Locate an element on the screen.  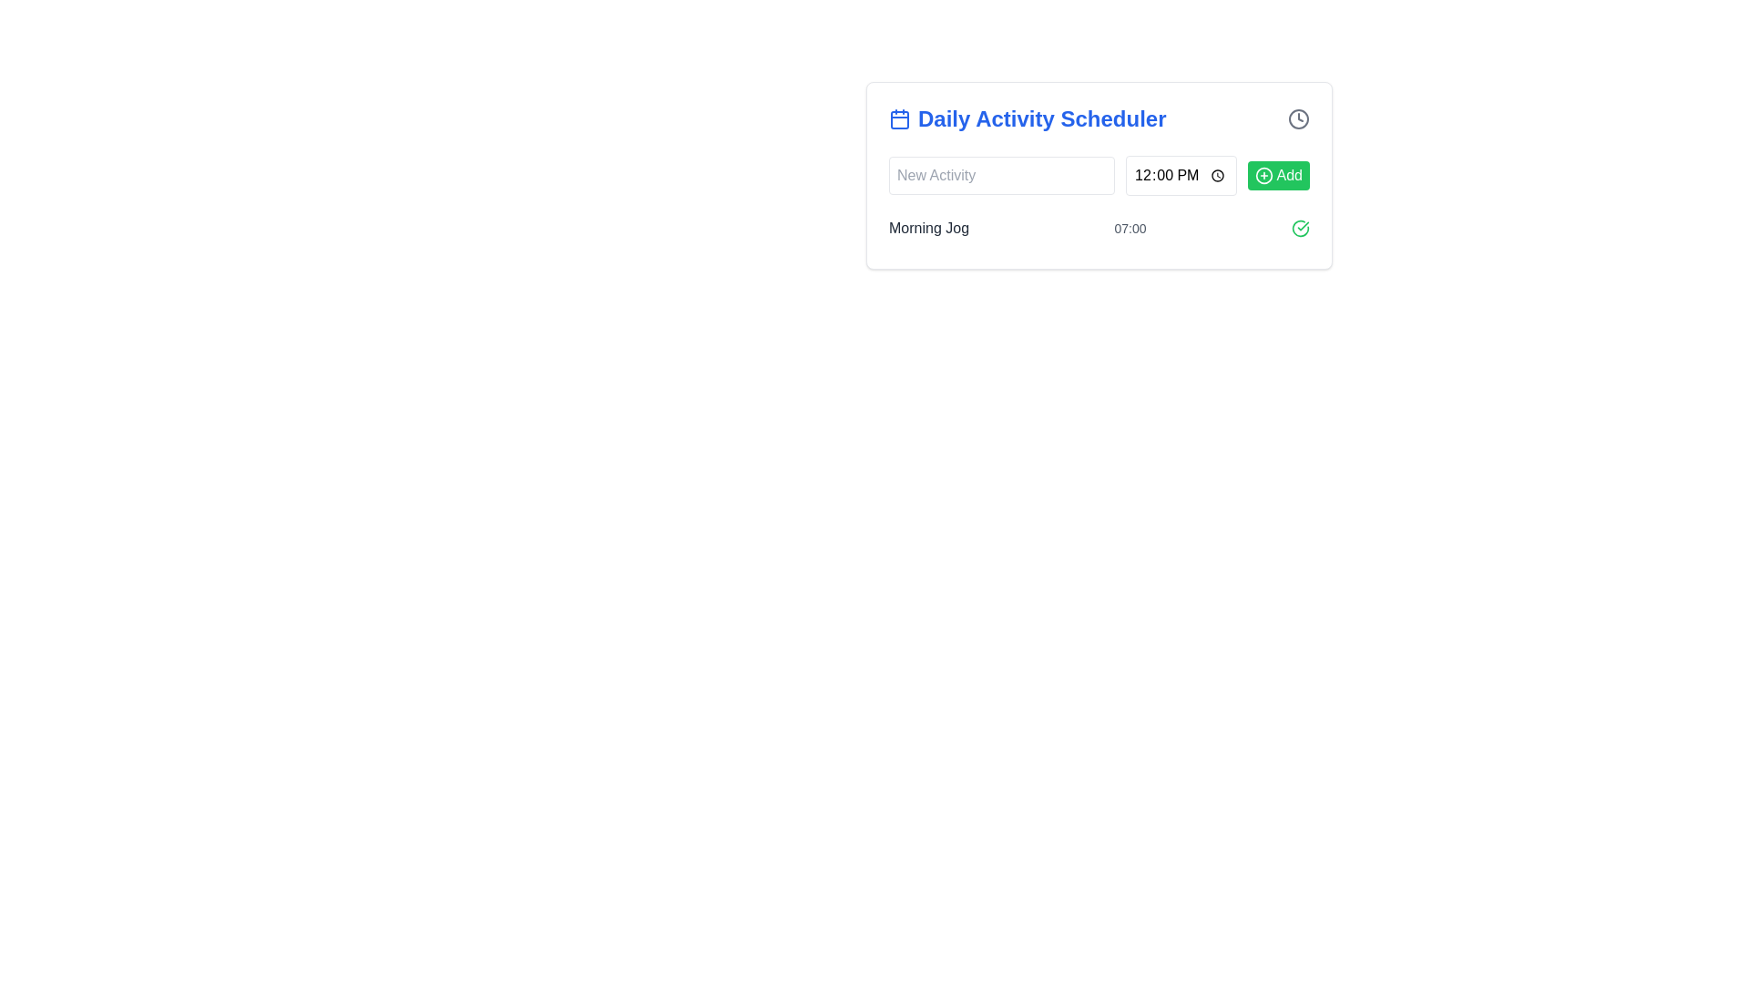
the minimalist gray clock icon located on the far right side of the 'Daily Activity Scheduler' header is located at coordinates (1297, 119).